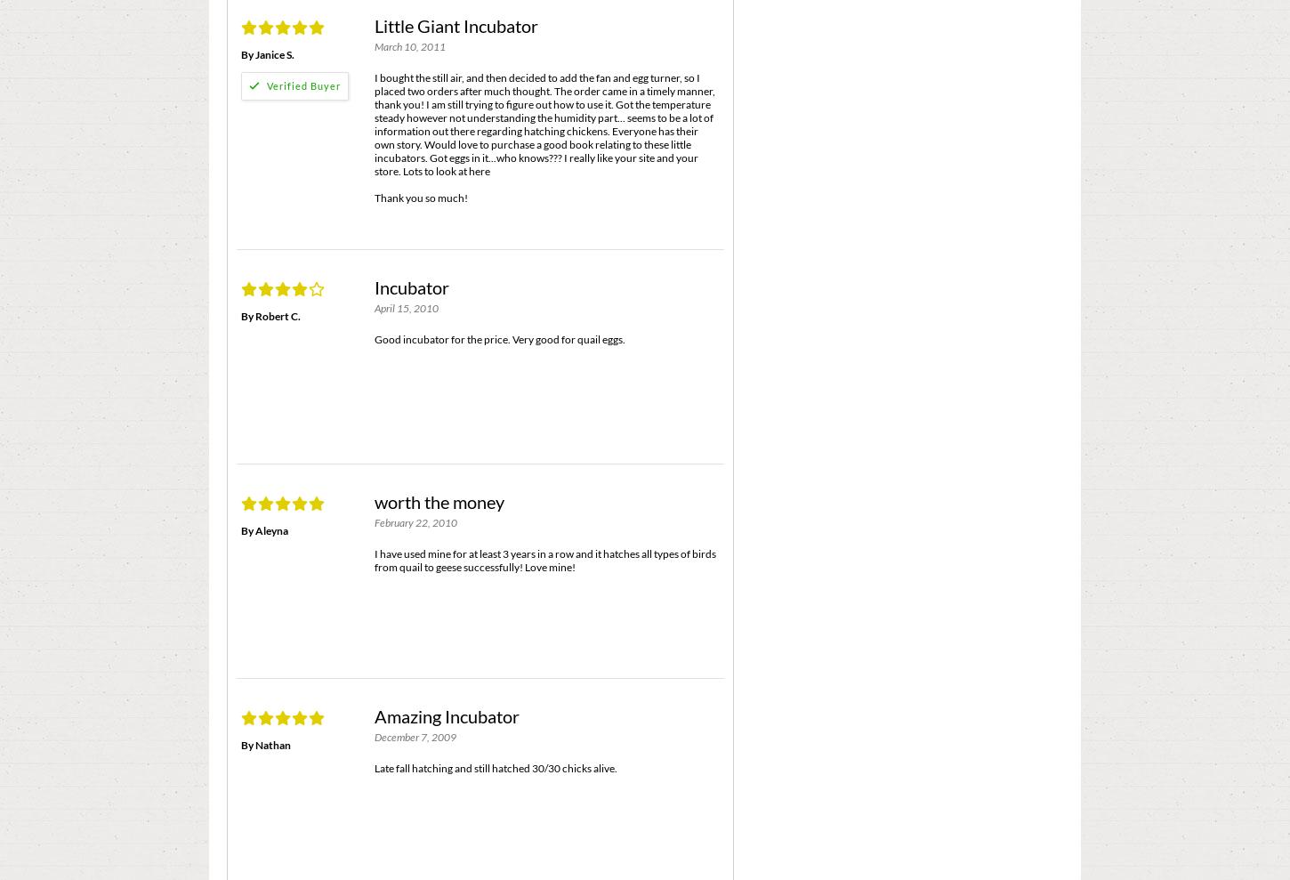 The image size is (1290, 880). I want to click on 'Good incubator for the price. Very good for quail eggs.', so click(373, 338).